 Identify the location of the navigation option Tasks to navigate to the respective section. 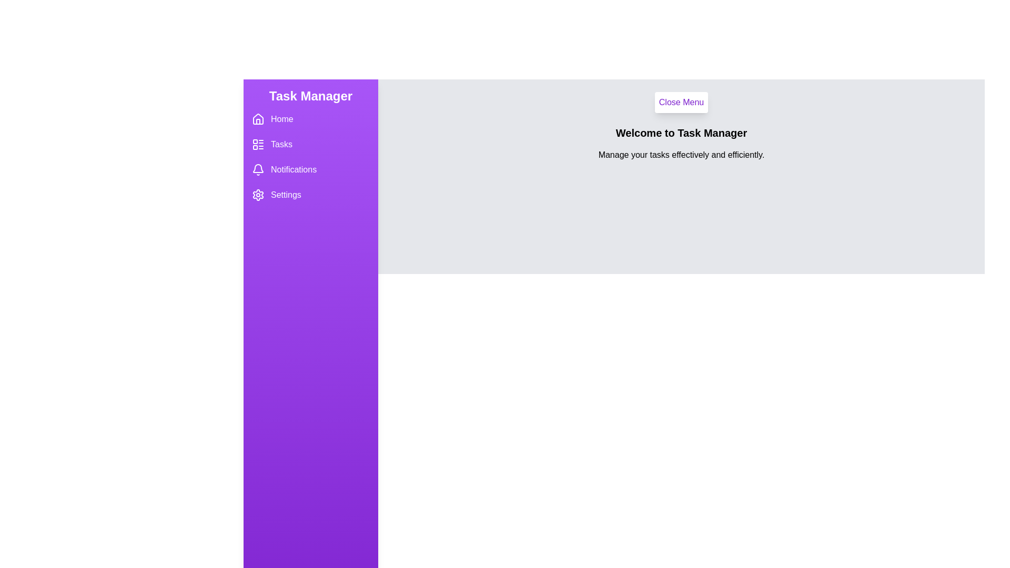
(310, 144).